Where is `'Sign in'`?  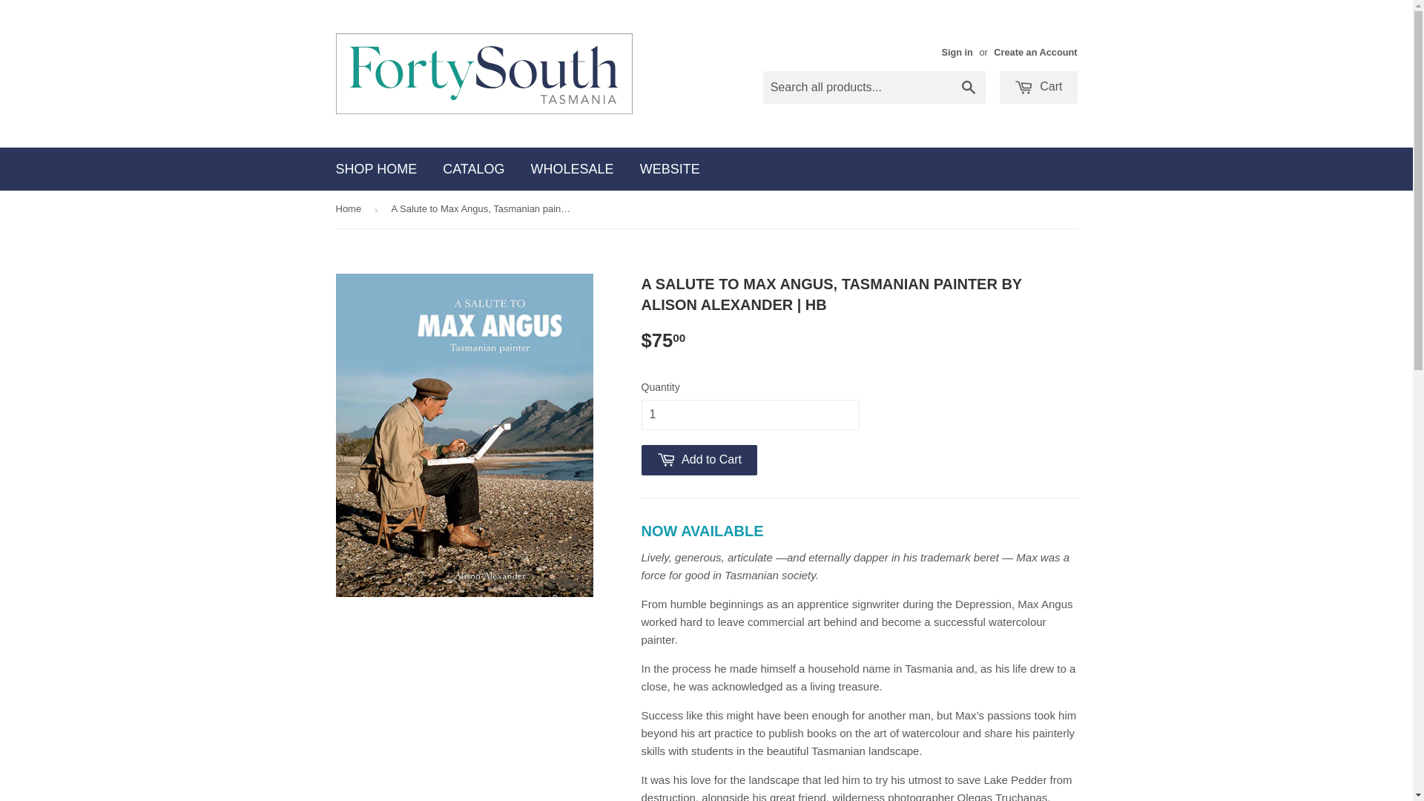 'Sign in' is located at coordinates (957, 51).